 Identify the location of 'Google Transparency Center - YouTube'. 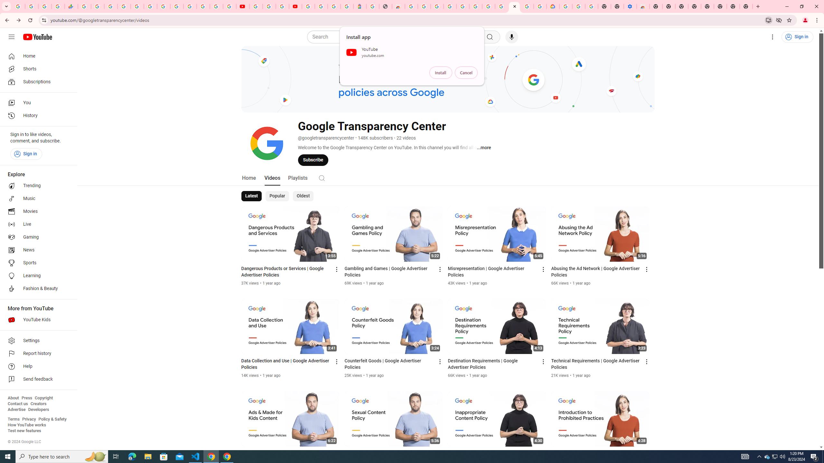
(514, 6).